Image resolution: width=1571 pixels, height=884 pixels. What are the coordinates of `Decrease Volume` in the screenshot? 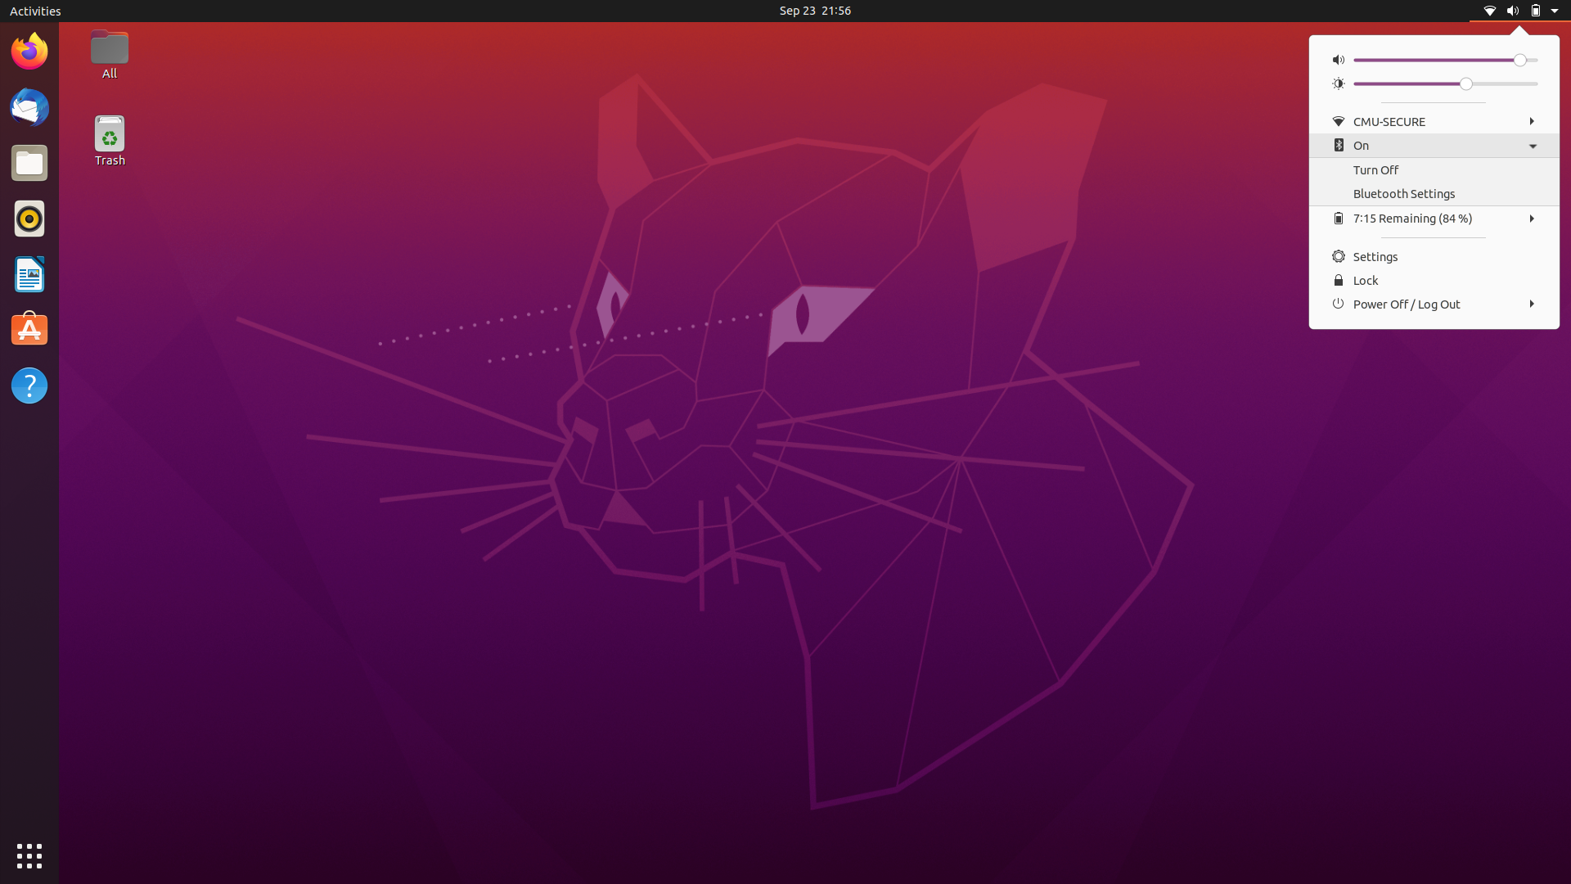 It's located at (1359, 59).